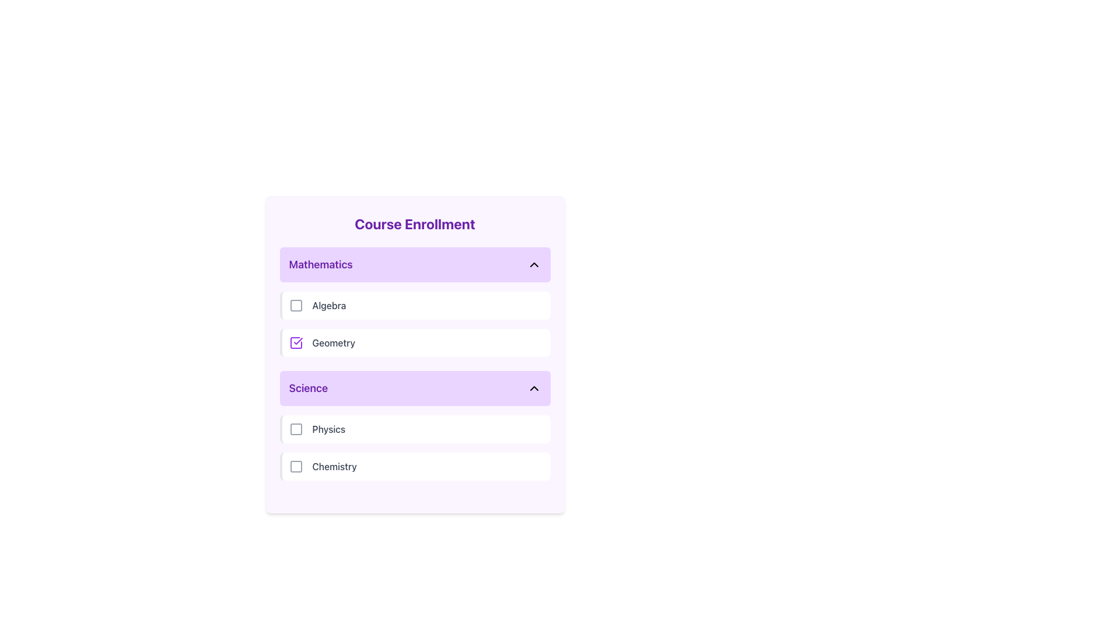  I want to click on the toggle icon located in the top-right corner of the 'Mathematics' section header to change its visibility, so click(533, 265).